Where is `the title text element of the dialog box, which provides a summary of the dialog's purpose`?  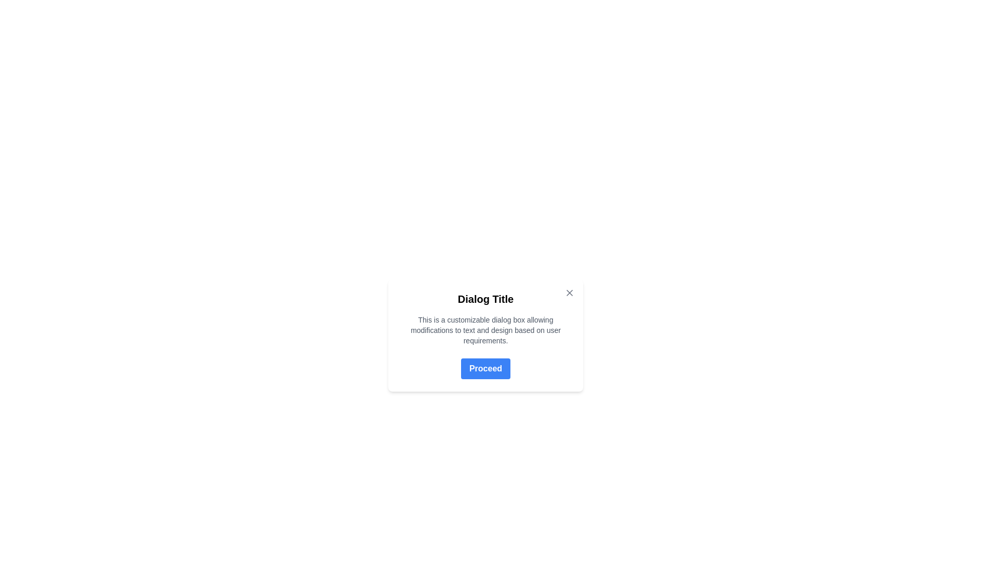
the title text element of the dialog box, which provides a summary of the dialog's purpose is located at coordinates (485, 299).